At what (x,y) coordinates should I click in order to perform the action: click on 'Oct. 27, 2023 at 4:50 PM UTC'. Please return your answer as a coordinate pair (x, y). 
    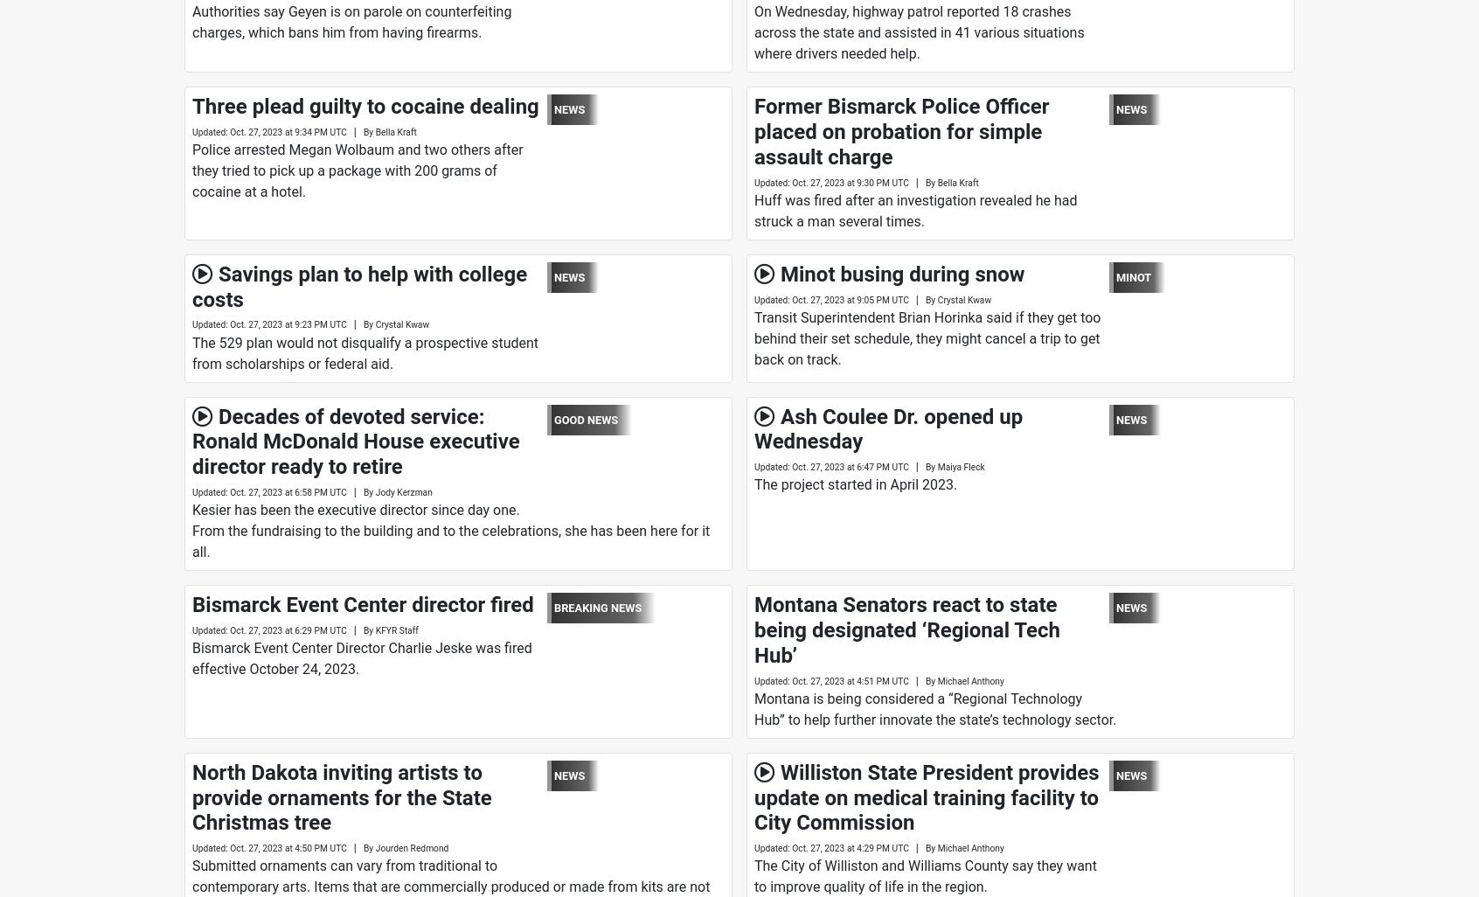
    Looking at the image, I should click on (287, 848).